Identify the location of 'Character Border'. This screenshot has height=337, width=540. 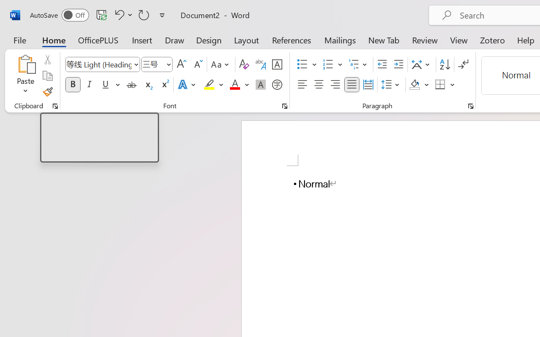
(277, 64).